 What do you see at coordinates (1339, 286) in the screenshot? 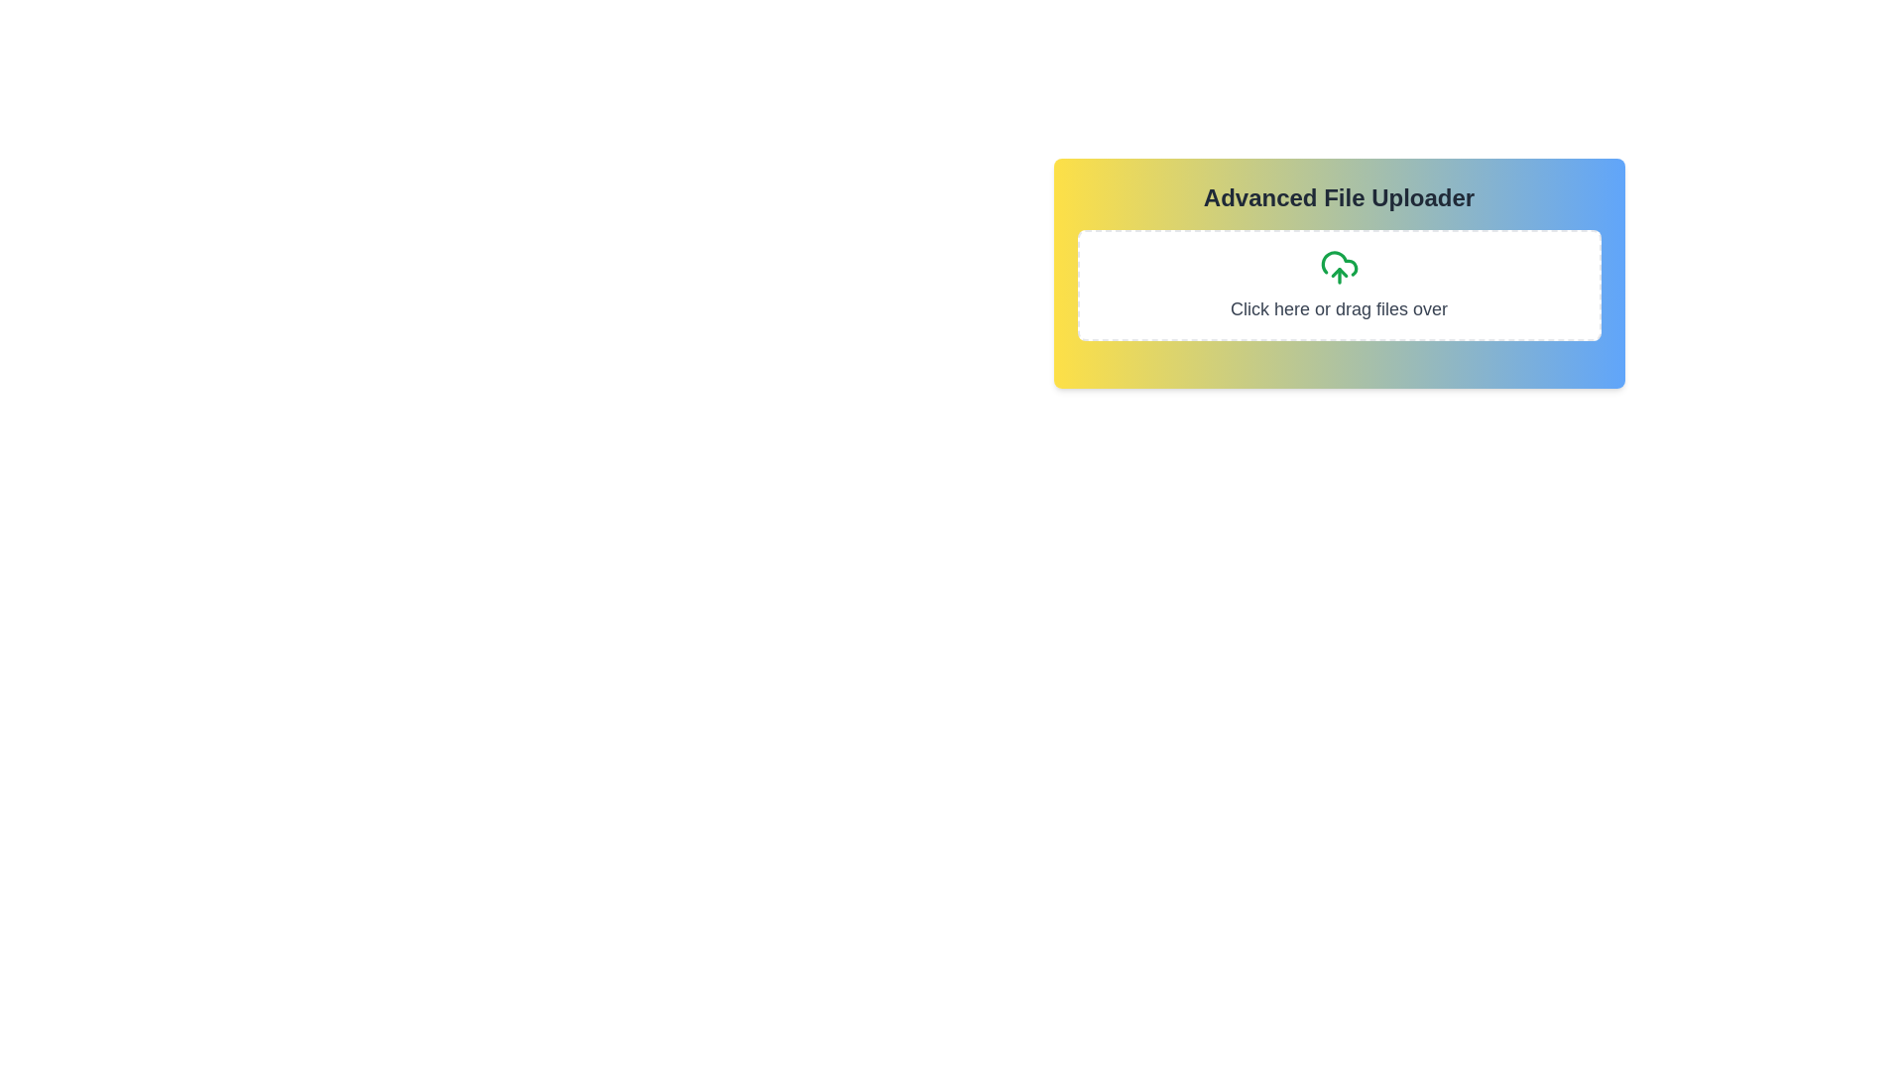
I see `the file uploader area located near the center of the 'Advanced File Uploader' panel, which is a bordered, rounded rectangle with dashed lines` at bounding box center [1339, 286].